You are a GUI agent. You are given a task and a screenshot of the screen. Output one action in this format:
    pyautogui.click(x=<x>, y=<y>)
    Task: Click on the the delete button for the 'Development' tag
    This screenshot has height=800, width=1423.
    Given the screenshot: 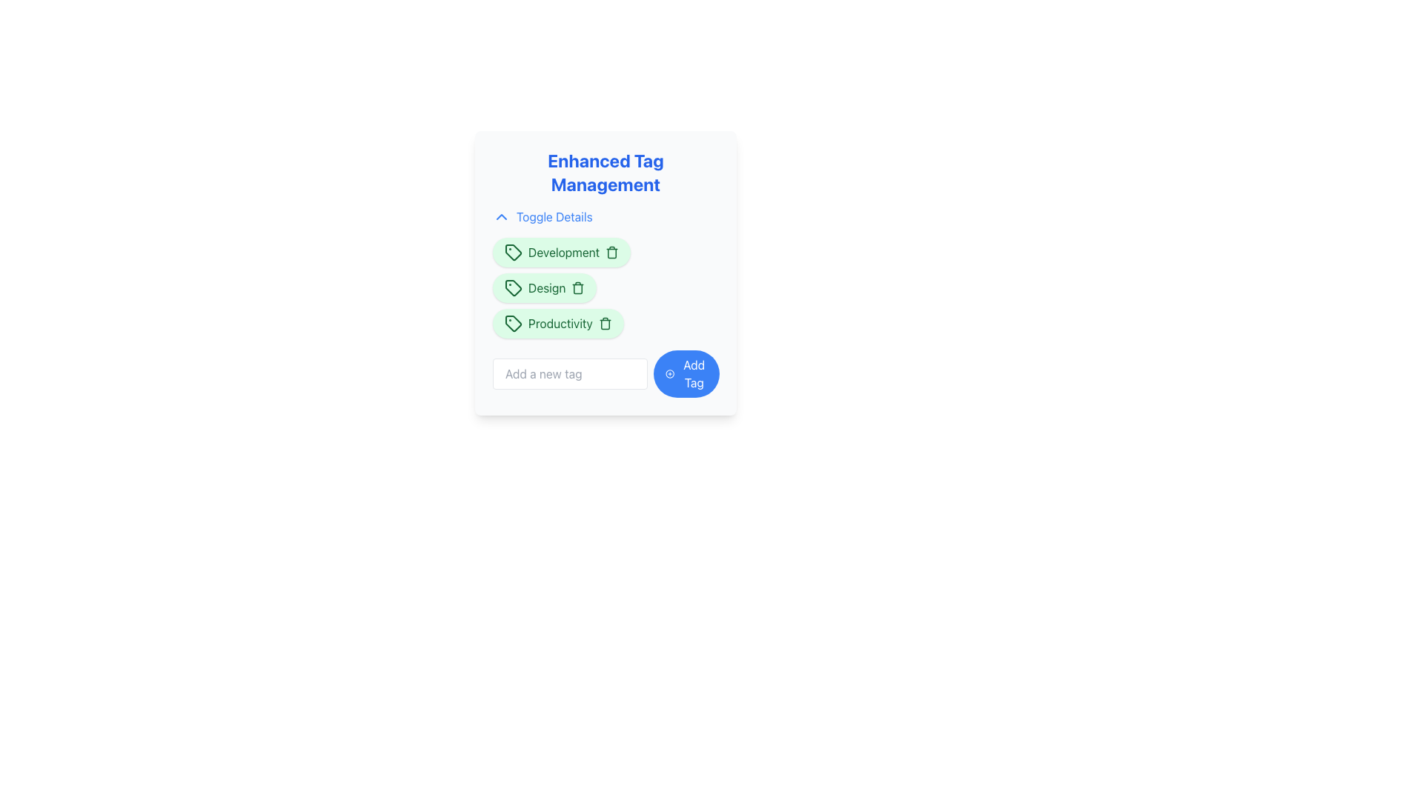 What is the action you would take?
    pyautogui.click(x=612, y=251)
    